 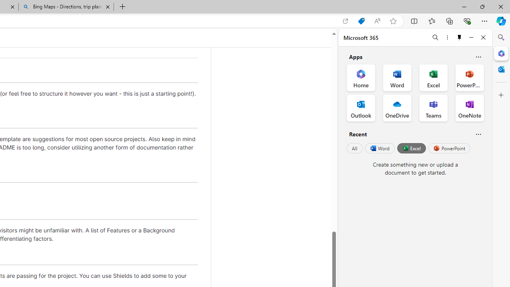 I want to click on 'Word Office App', so click(x=397, y=78).